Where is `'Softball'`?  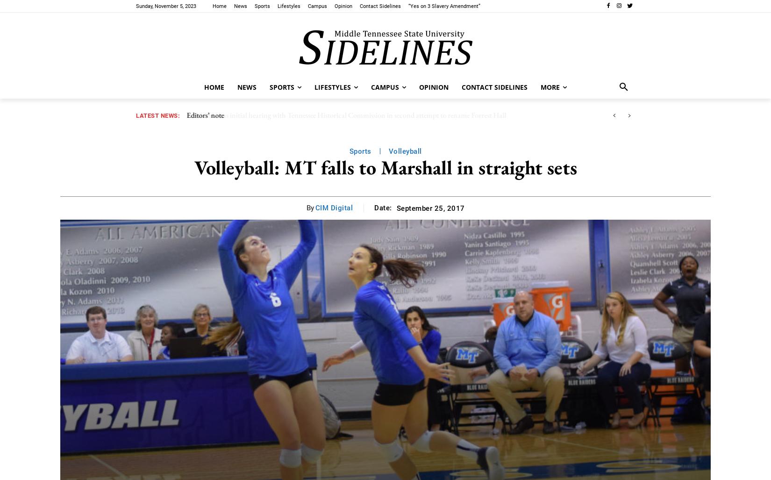 'Softball' is located at coordinates (269, 96).